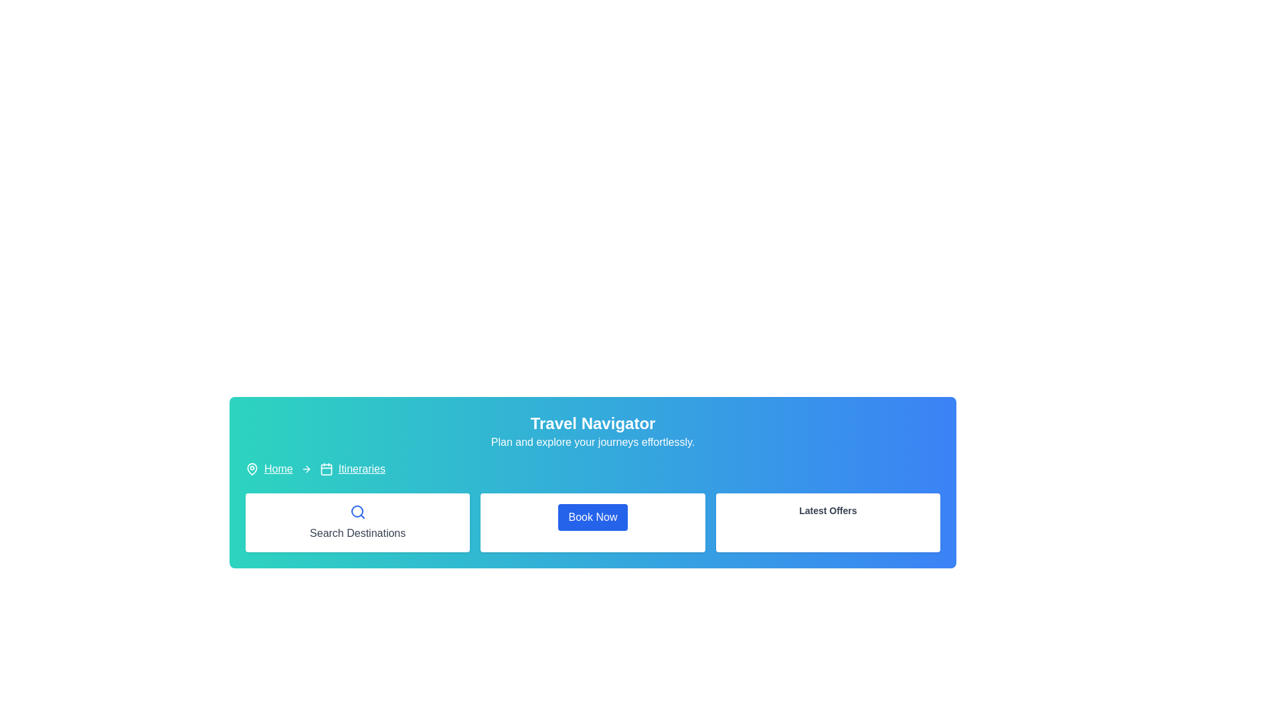  Describe the element at coordinates (592, 521) in the screenshot. I see `the 'Book Now' button, which is white text on a blue background, centrally located between 'Search Destinations' and 'Latest Offers' in the grid layout, to initiate the booking action` at that location.